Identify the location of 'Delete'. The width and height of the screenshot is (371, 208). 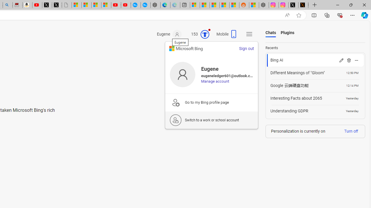
(348, 60).